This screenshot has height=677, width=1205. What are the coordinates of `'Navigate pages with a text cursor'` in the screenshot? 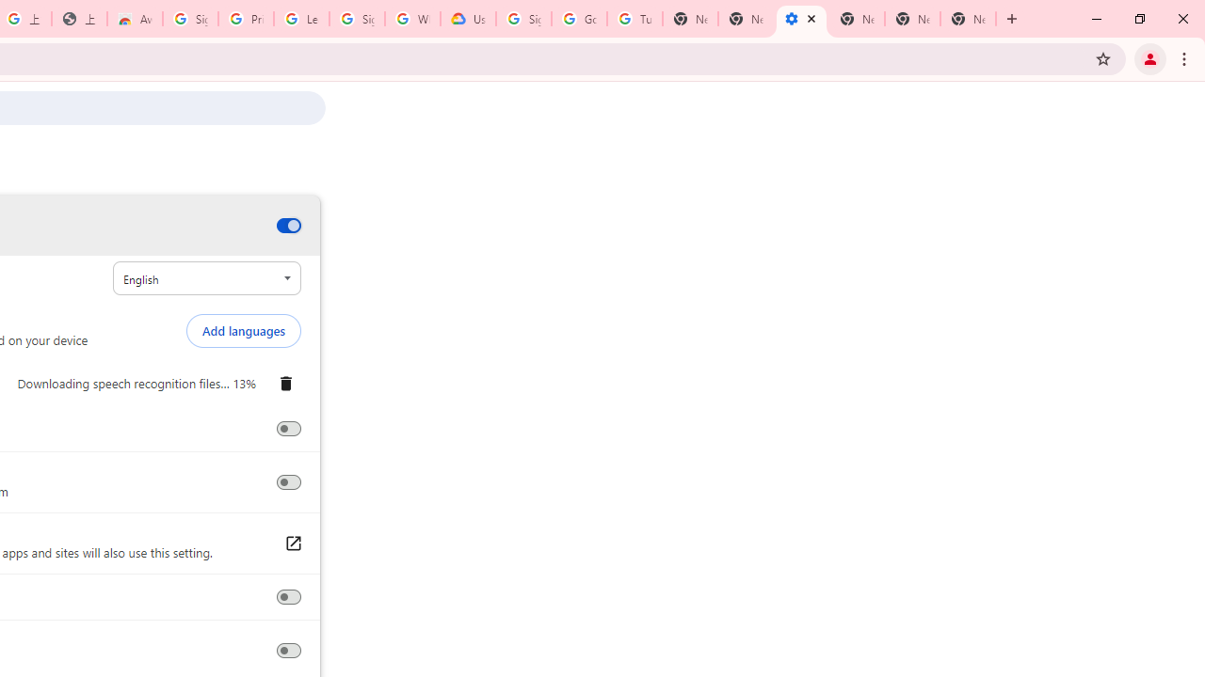 It's located at (287, 650).